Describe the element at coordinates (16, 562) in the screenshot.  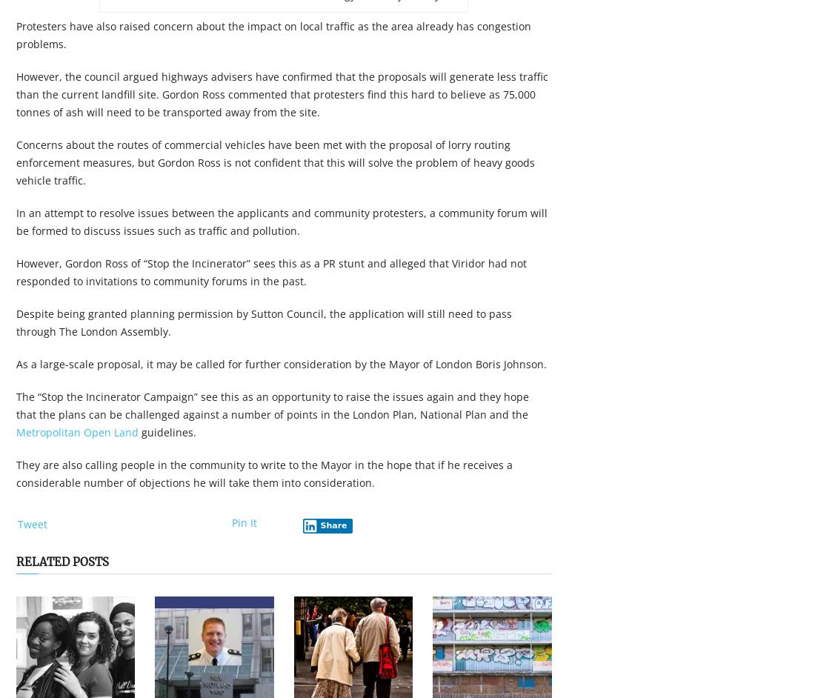
I see `'Related Posts'` at that location.